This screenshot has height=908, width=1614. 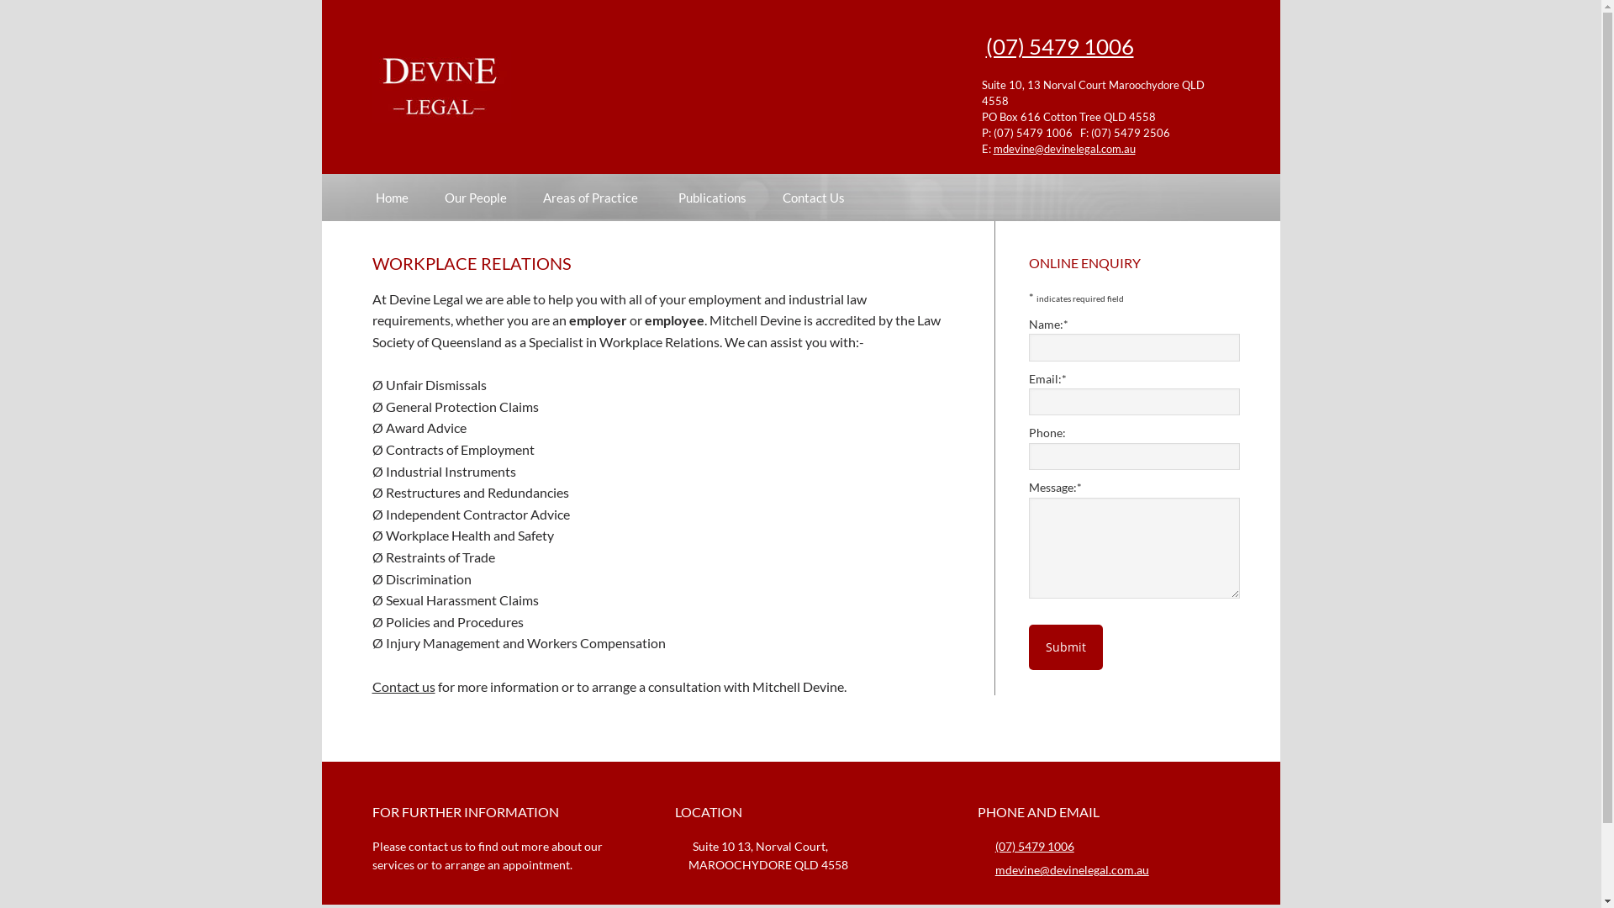 I want to click on 'Areas of Practice', so click(x=593, y=196).